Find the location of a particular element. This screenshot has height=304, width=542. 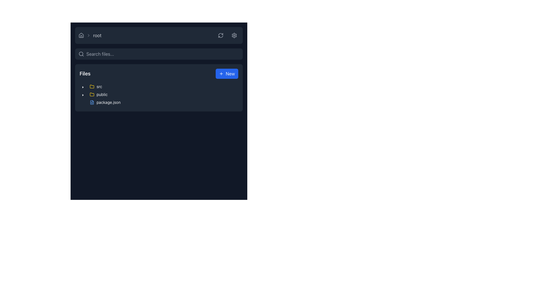

the Tree Toggle Button located to the left of the folder icon and text 'public' is located at coordinates (82, 94).